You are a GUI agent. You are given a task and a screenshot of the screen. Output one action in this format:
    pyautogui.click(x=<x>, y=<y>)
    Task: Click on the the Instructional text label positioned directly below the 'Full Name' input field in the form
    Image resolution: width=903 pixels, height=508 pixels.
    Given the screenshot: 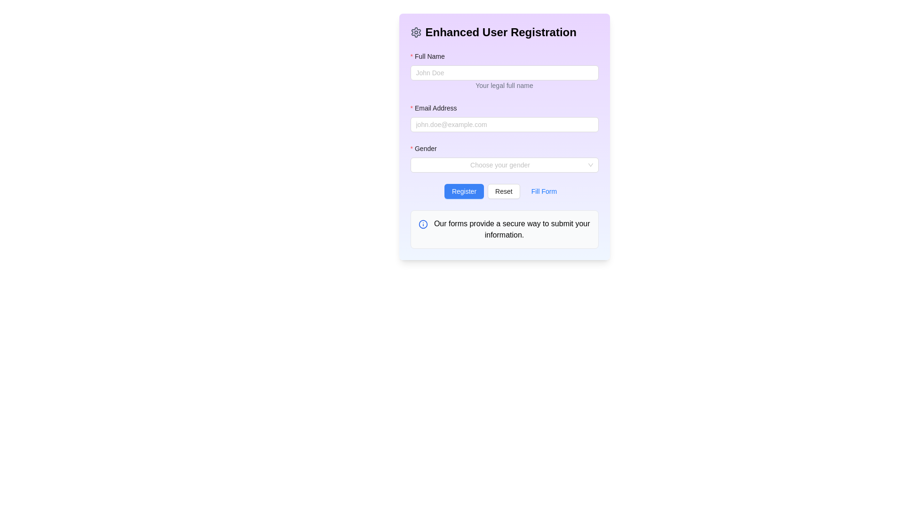 What is the action you would take?
    pyautogui.click(x=504, y=78)
    